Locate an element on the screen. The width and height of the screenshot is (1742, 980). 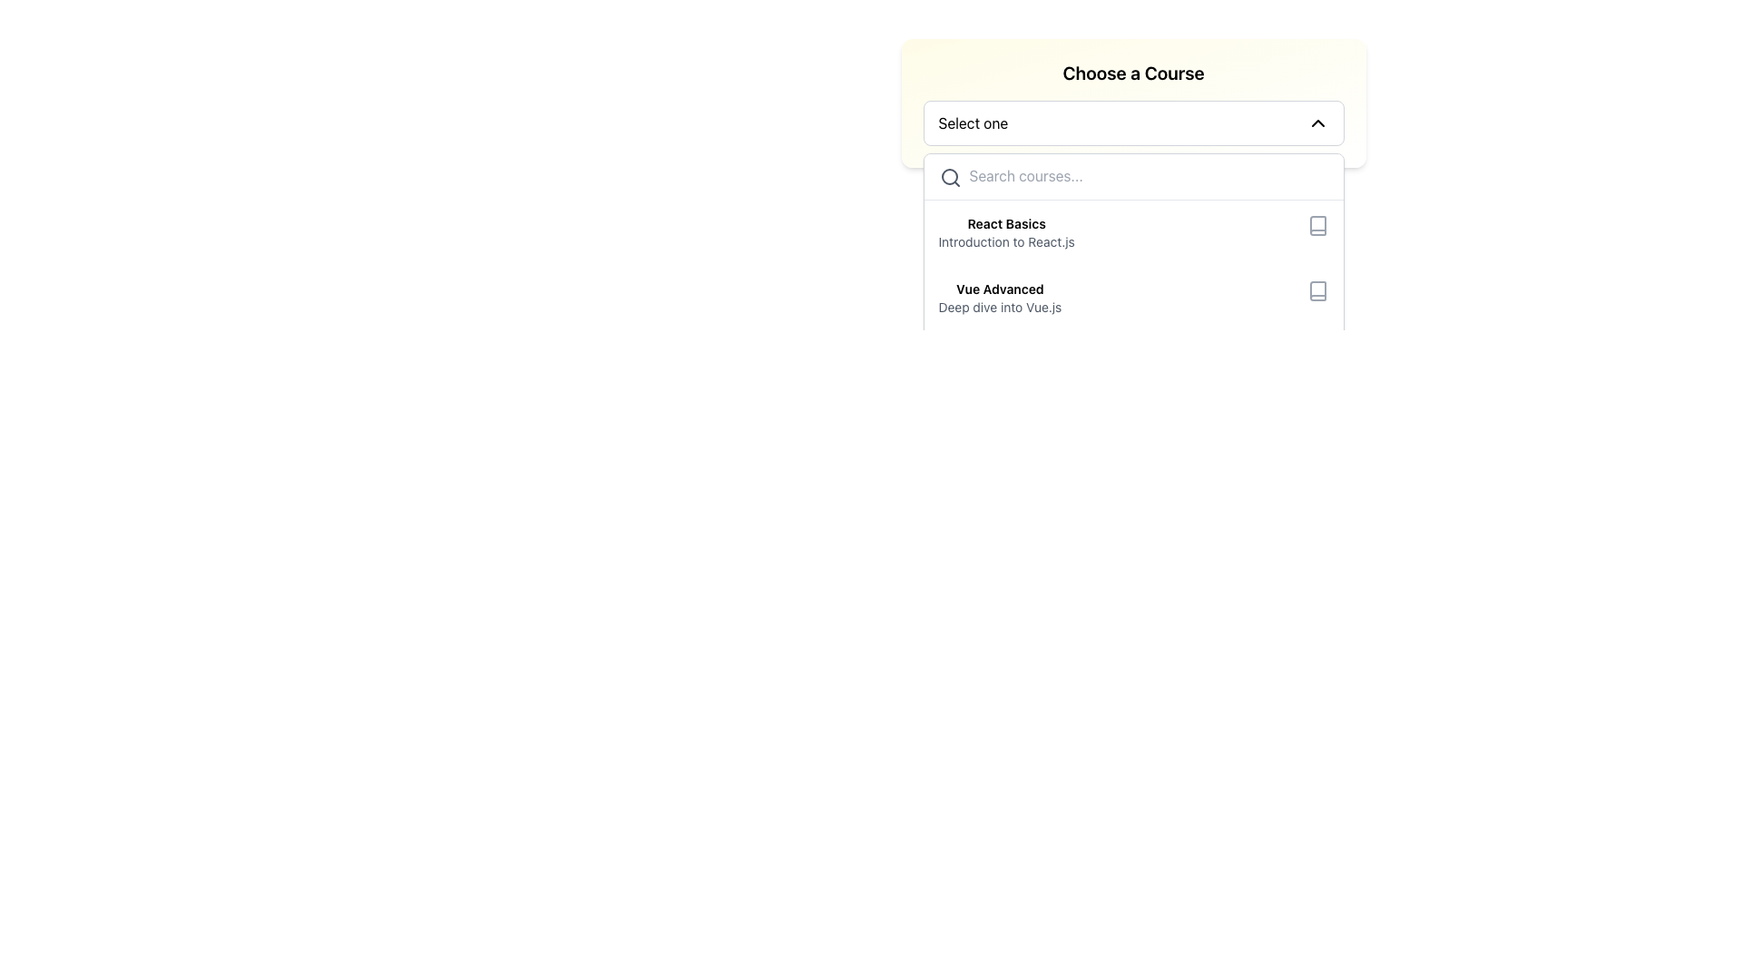
the search input field located at the top of the dropdown menu, directly below the 'Choose a Course' dropdown selector, to focus on it is located at coordinates (1132, 177).